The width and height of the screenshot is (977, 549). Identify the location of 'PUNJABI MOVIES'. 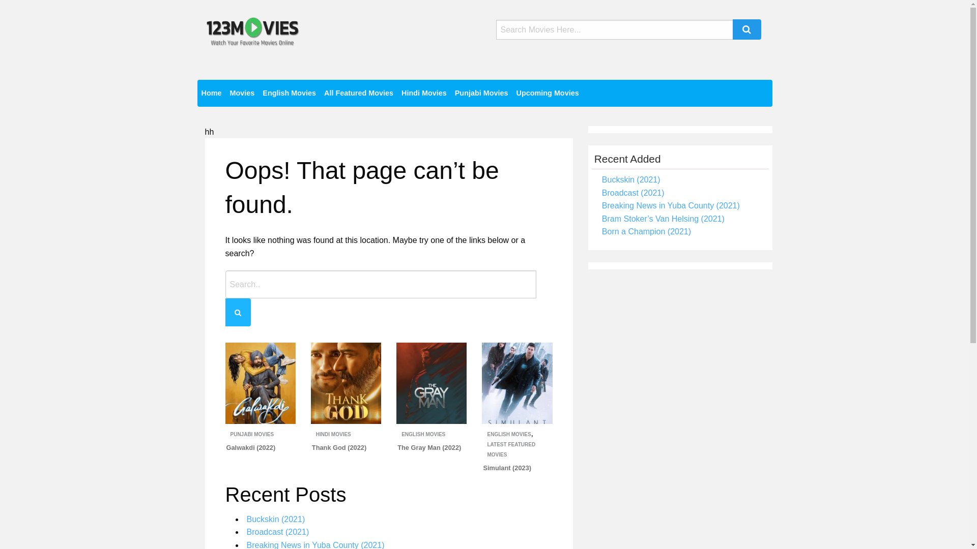
(251, 434).